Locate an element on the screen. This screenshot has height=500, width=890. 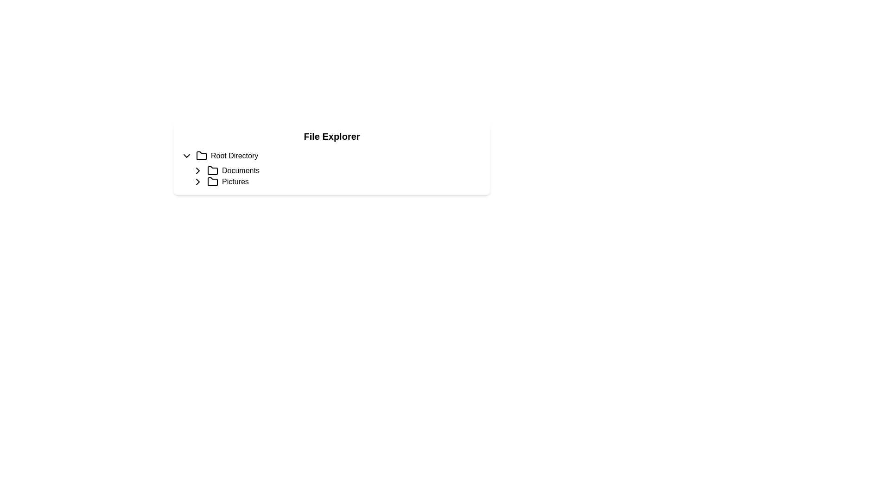
the 'Pictures' folder icon in the file explorer is located at coordinates (212, 181).